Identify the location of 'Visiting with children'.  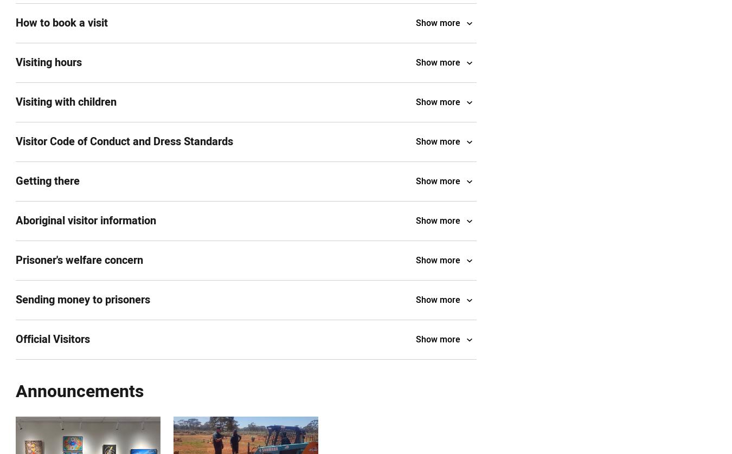
(66, 102).